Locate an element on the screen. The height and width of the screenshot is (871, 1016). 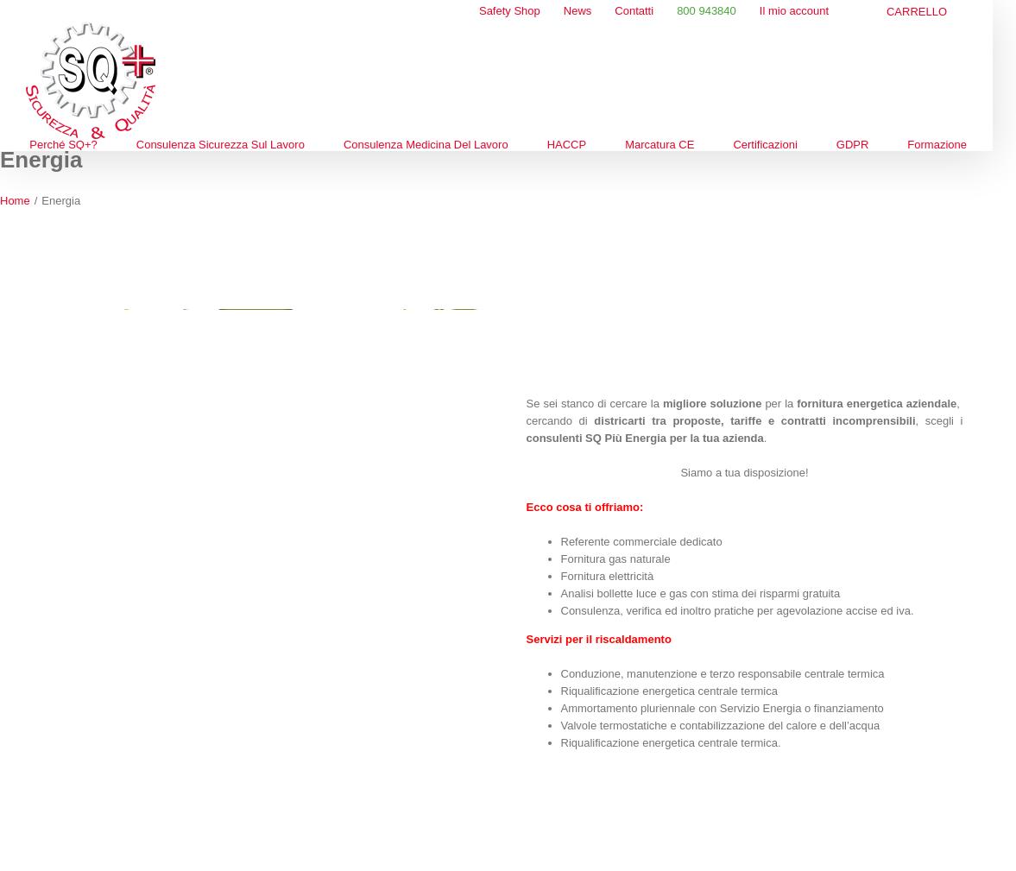
'Certificazione ISO 27001' is located at coordinates (784, 323).